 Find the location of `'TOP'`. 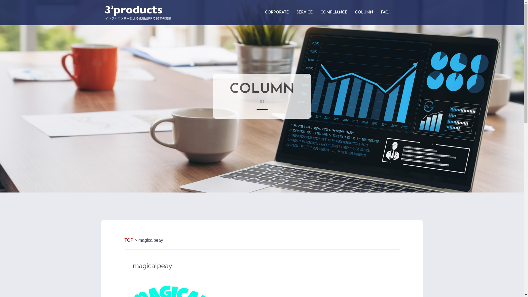

'TOP' is located at coordinates (128, 240).